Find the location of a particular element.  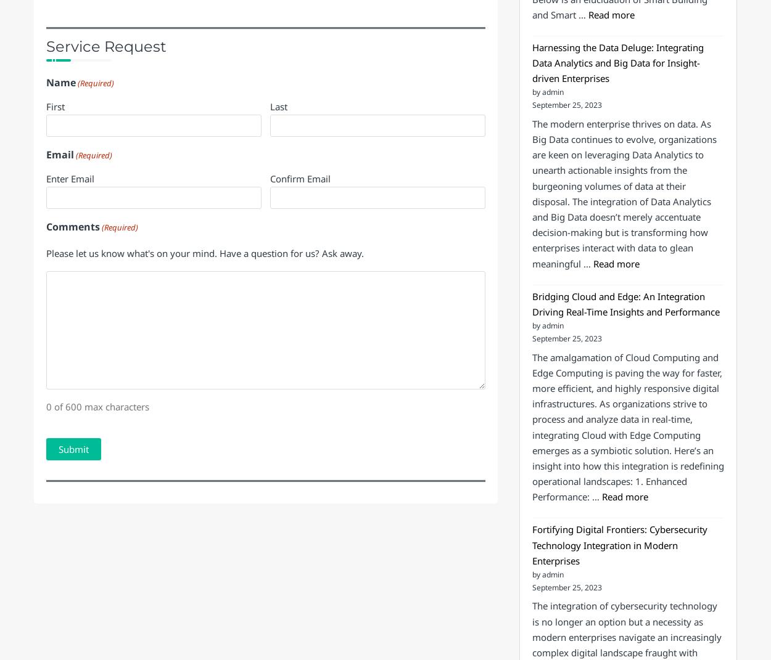

'Bridging Cloud and Edge: An Integration Driving Real-Time Insights and Performance' is located at coordinates (531, 303).